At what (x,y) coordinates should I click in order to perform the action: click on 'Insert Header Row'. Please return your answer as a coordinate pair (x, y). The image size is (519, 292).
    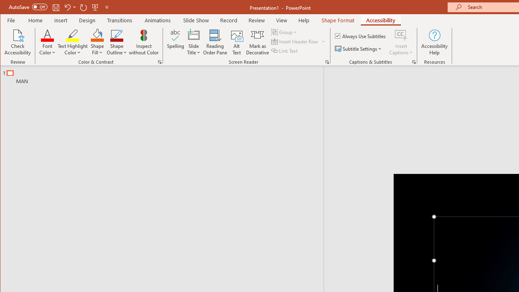
    Looking at the image, I should click on (298, 41).